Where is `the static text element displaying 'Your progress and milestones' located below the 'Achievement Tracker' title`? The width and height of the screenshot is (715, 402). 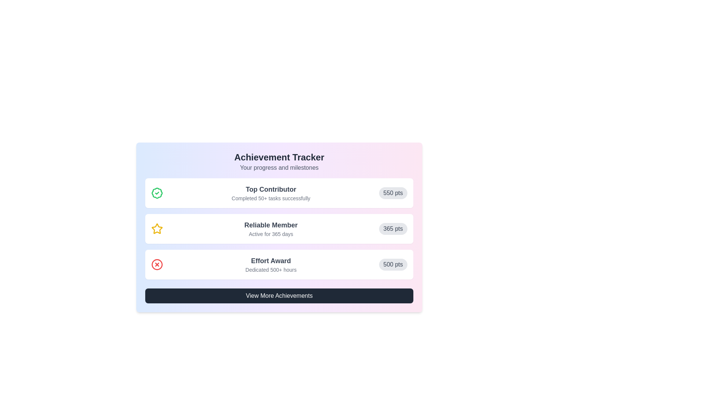 the static text element displaying 'Your progress and milestones' located below the 'Achievement Tracker' title is located at coordinates (279, 168).